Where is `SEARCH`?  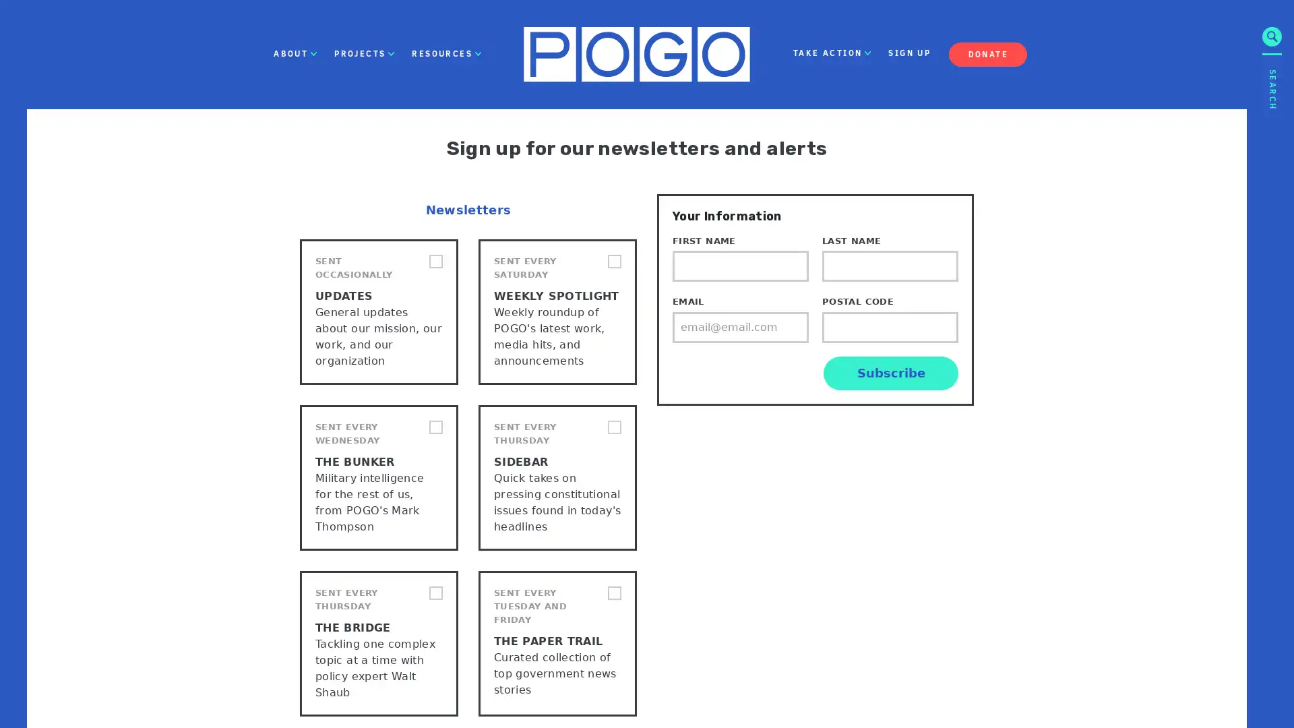 SEARCH is located at coordinates (1271, 185).